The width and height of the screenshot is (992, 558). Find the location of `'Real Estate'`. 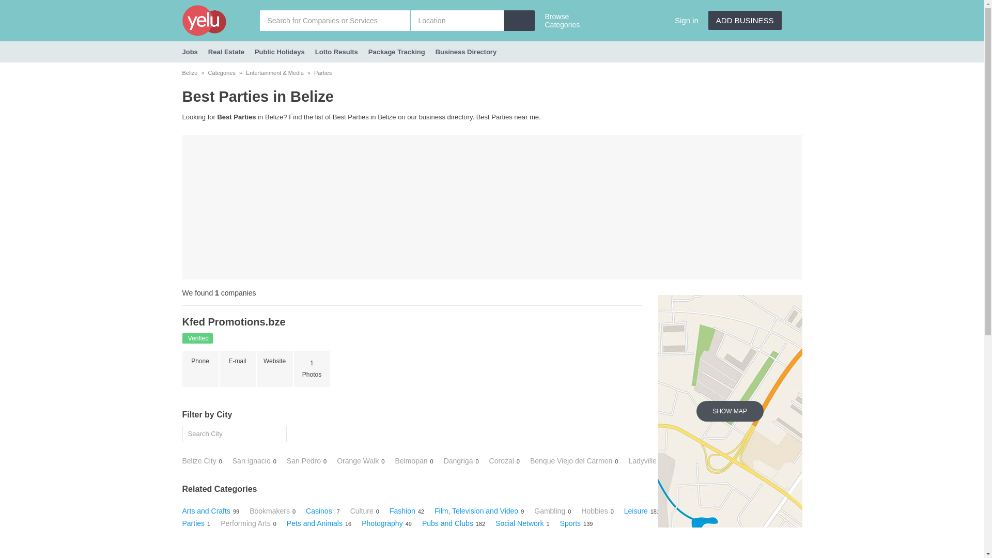

'Real Estate' is located at coordinates (225, 52).